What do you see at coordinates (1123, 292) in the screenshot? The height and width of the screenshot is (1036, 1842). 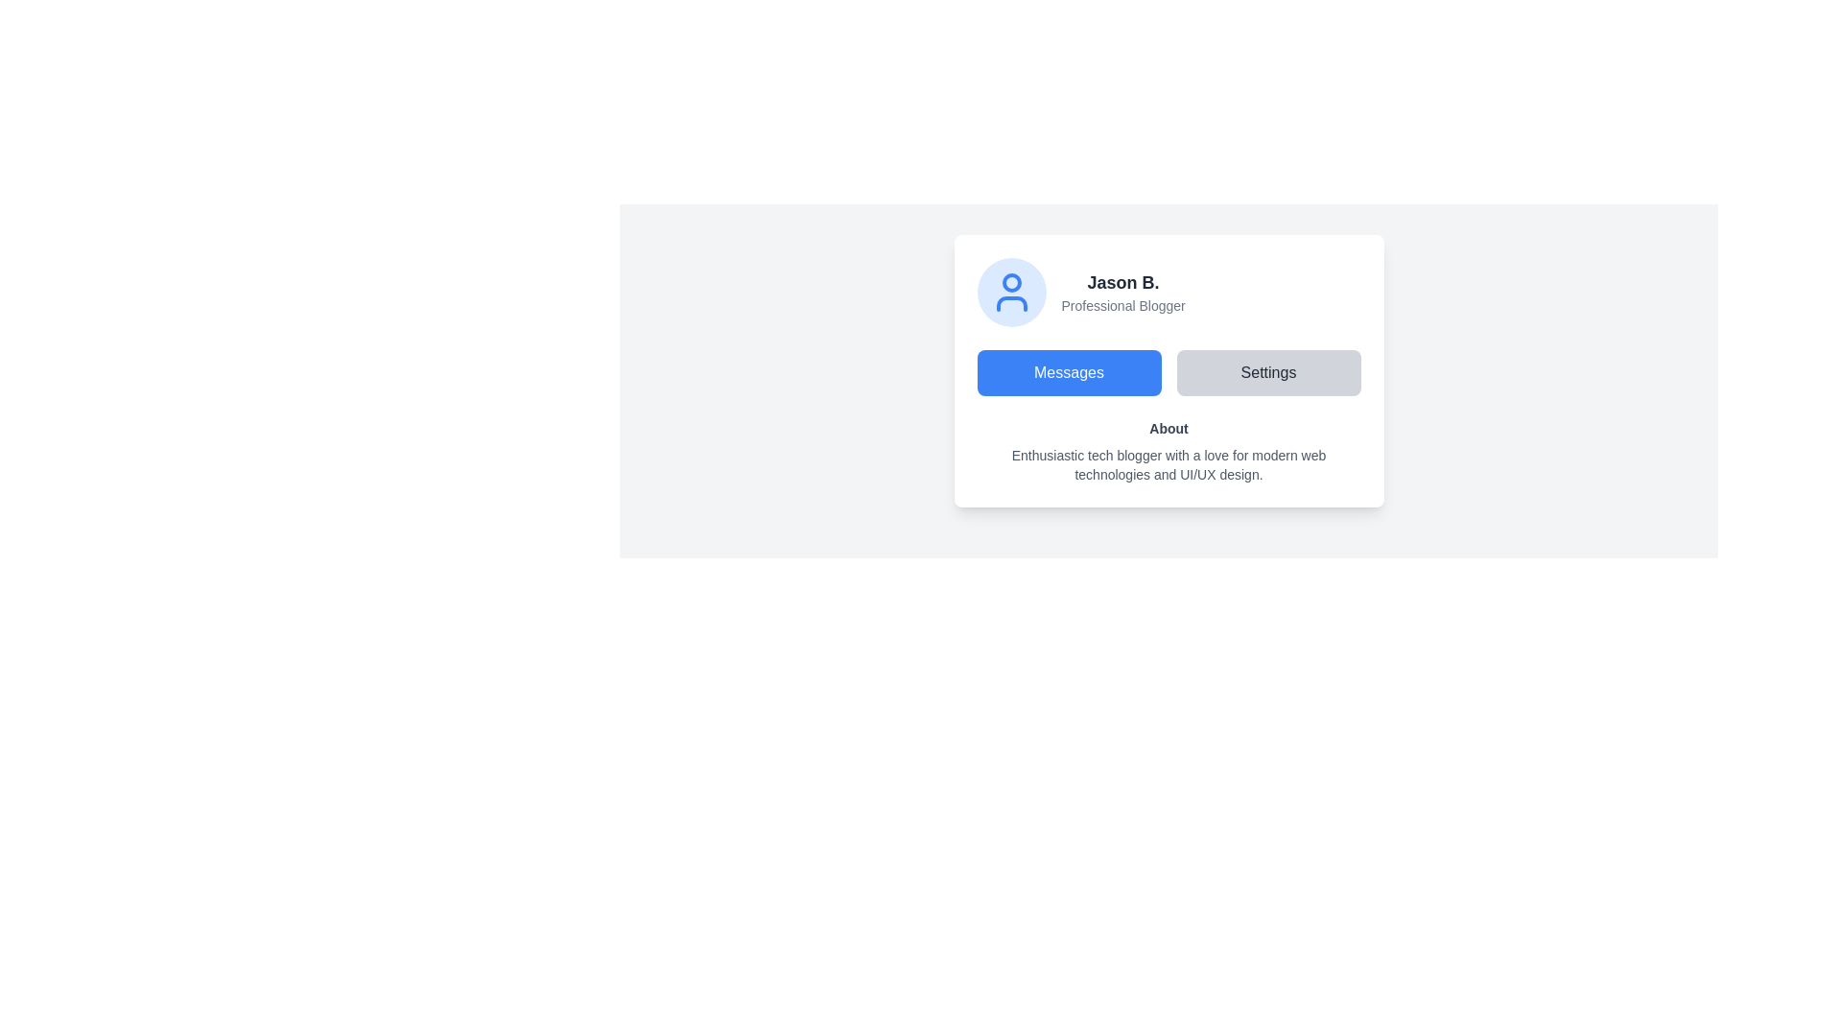 I see `the Text Display element showing 'Jason B.' and the designation 'Professional Blogger' located at the top center of the card layout` at bounding box center [1123, 292].